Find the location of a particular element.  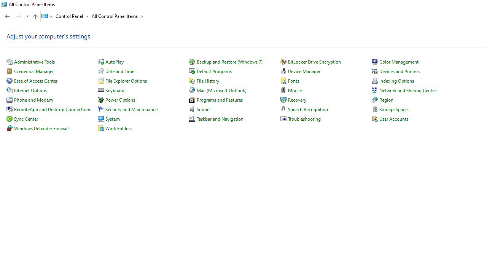

'Device Manager' is located at coordinates (304, 71).